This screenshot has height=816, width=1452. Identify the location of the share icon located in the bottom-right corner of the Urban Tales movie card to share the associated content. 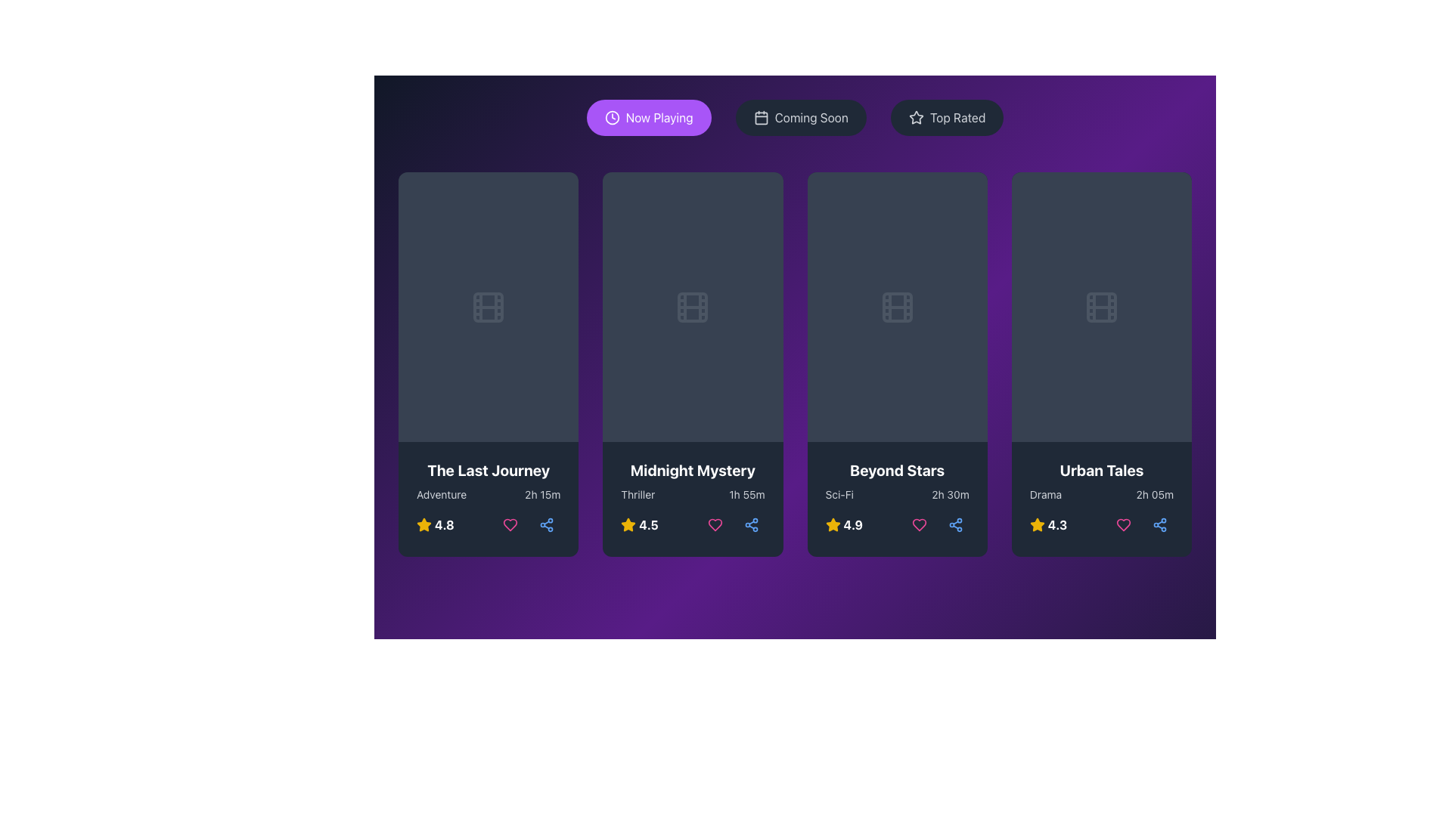
(1159, 524).